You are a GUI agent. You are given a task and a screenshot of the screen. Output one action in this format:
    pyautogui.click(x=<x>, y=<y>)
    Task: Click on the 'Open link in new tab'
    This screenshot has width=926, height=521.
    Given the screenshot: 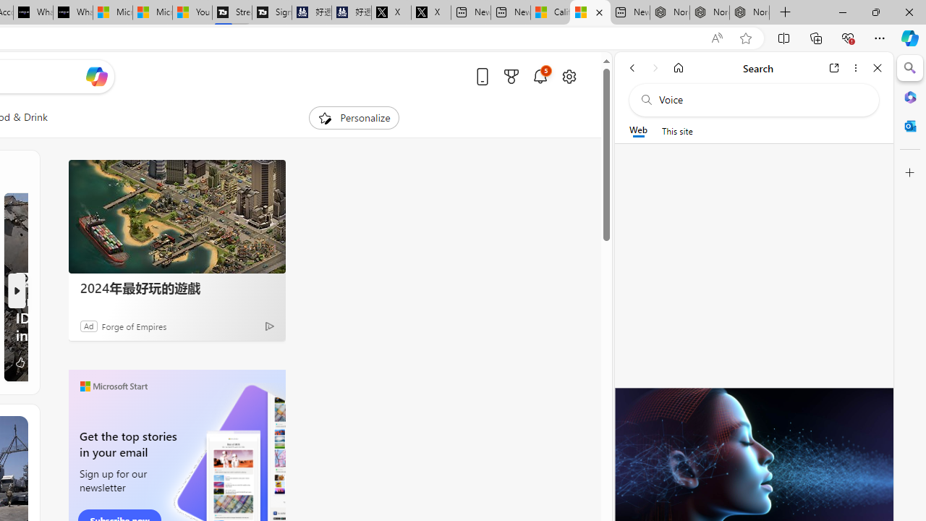 What is the action you would take?
    pyautogui.click(x=834, y=67)
    